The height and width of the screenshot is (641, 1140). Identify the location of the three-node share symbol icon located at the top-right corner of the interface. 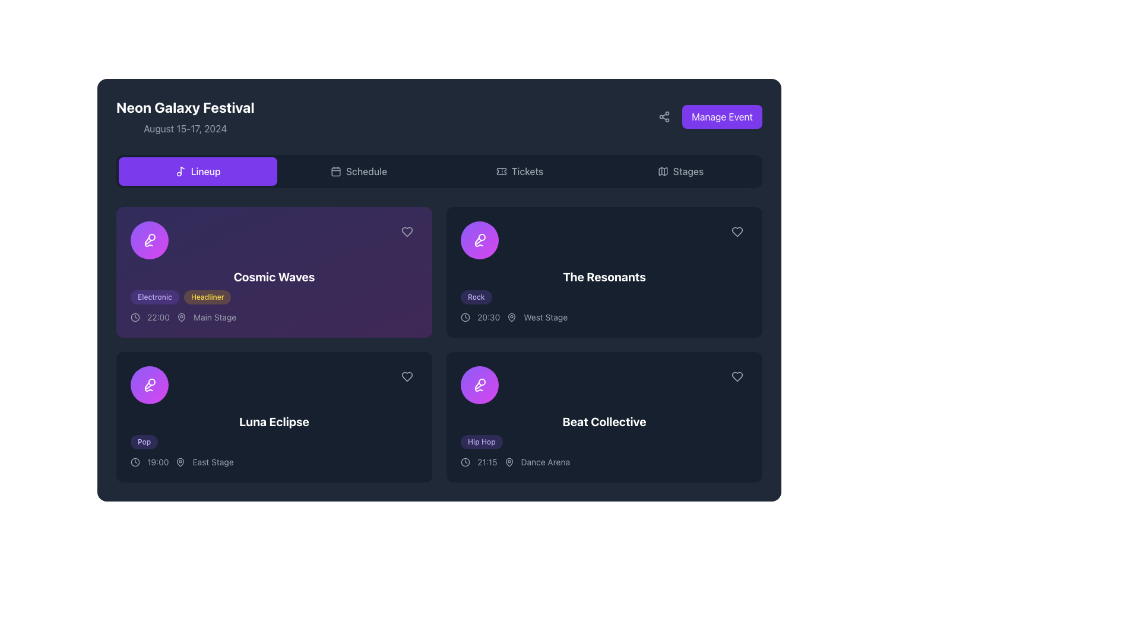
(664, 116).